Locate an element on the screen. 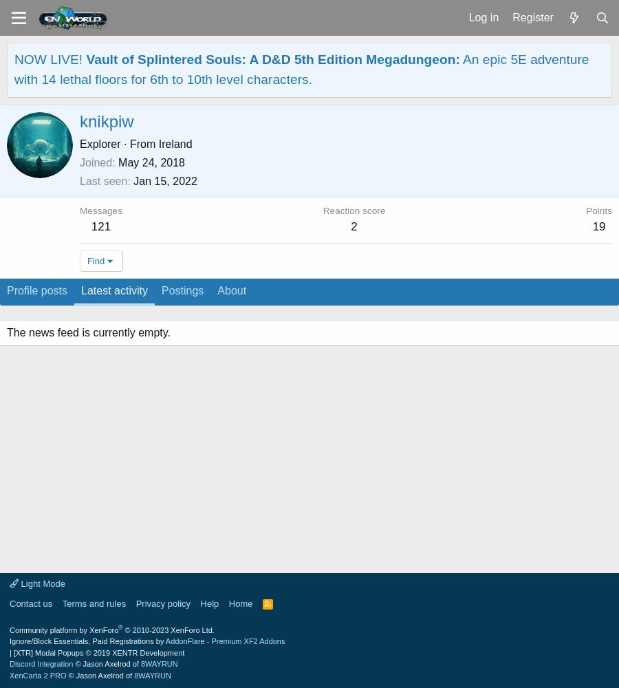 The image size is (619, 688). 'Latest activity' is located at coordinates (113, 290).